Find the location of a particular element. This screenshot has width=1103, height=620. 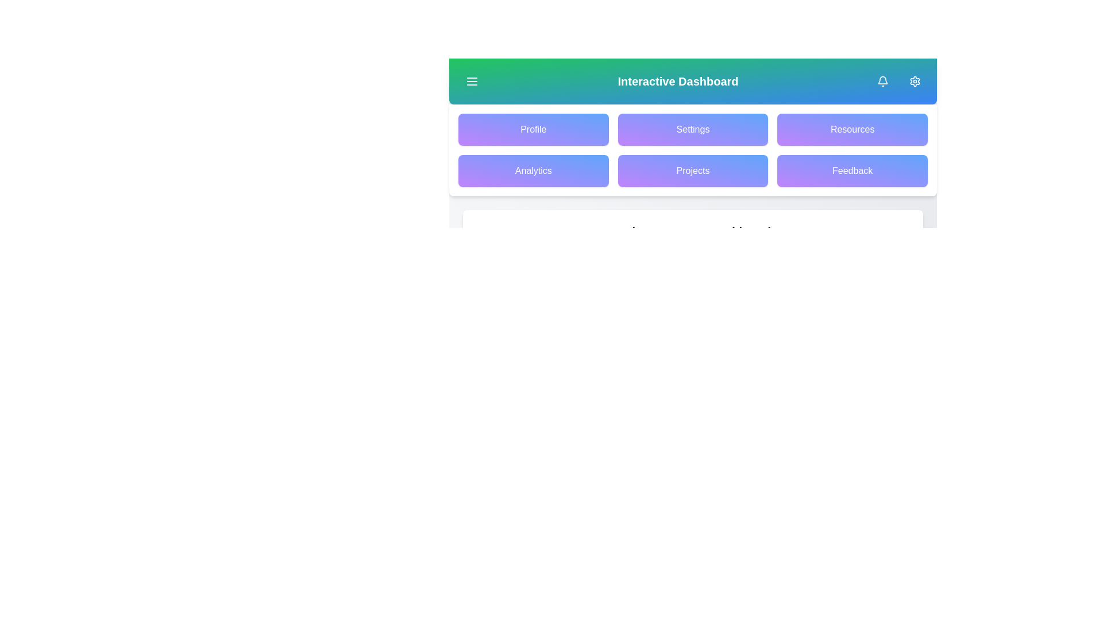

the Feedback button to navigate to the corresponding section is located at coordinates (852, 170).